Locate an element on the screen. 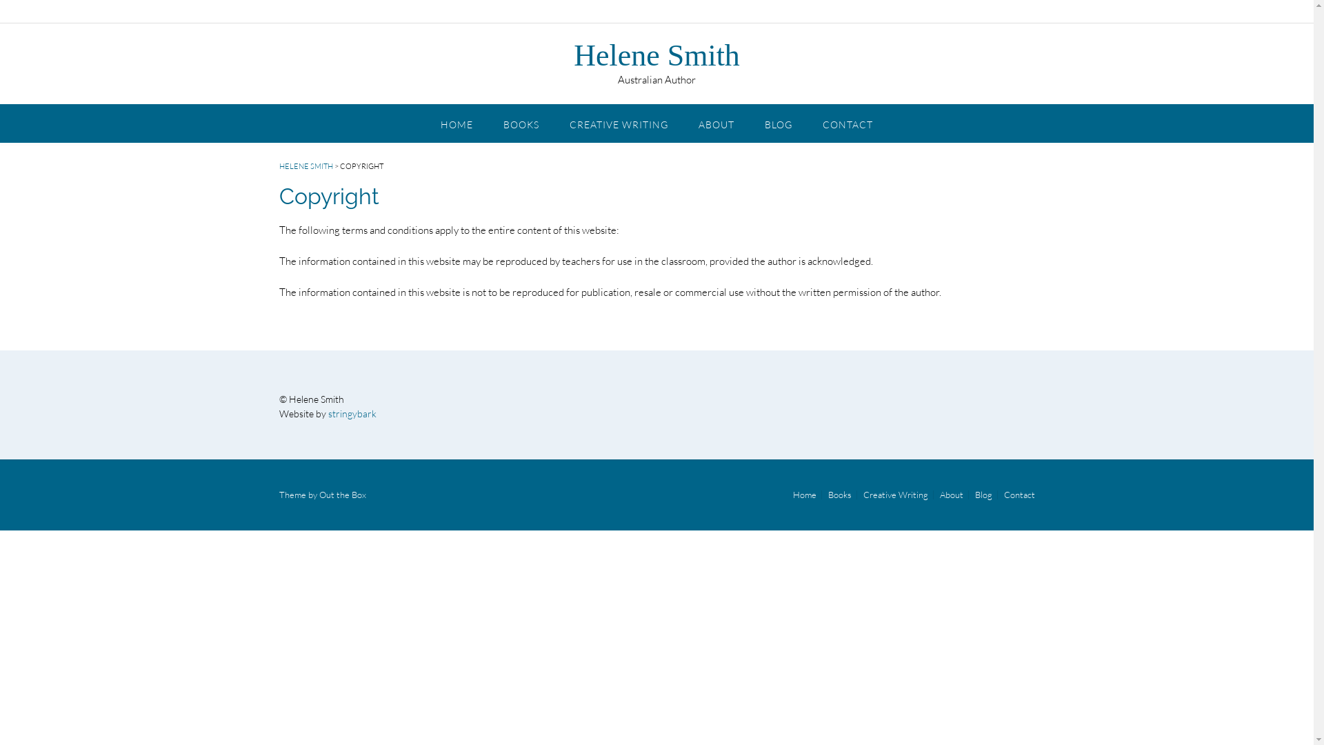 This screenshot has width=1324, height=745. 'stringybark' is located at coordinates (352, 413).